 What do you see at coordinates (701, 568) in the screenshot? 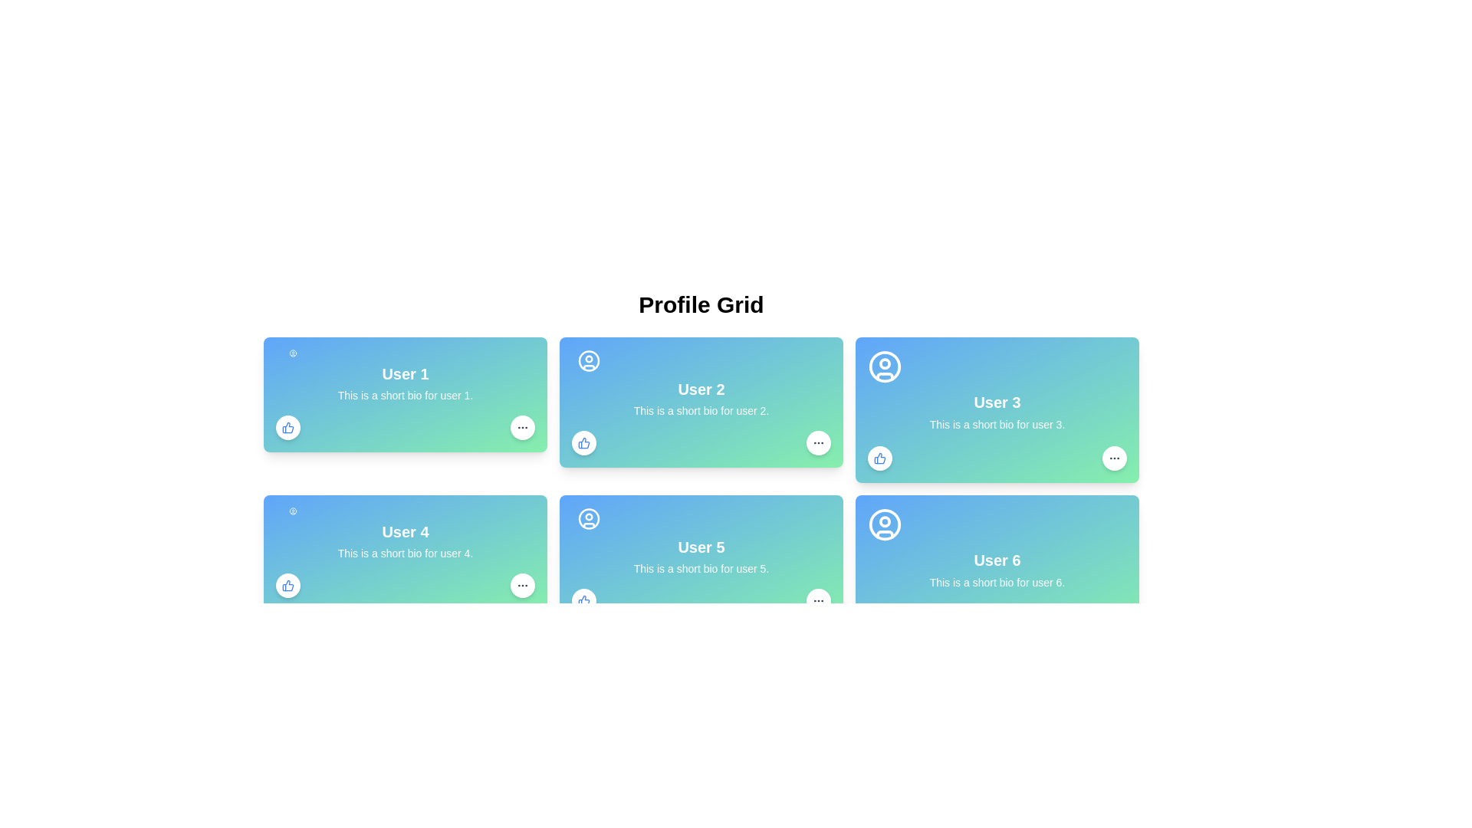
I see `text block displaying 'This is a short bio for user 5.' located within the 'User 5' profile card, positioned directly below the card's title` at bounding box center [701, 568].